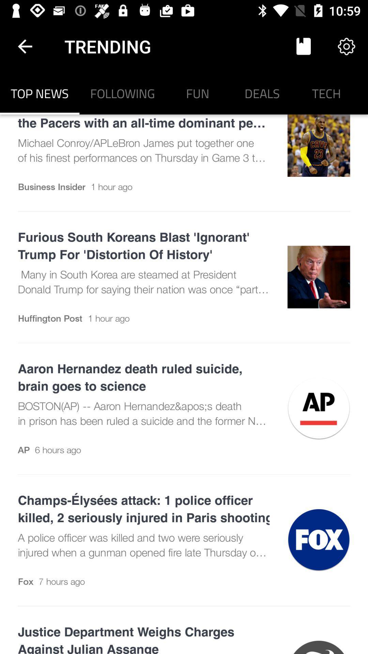  Describe the element at coordinates (303, 46) in the screenshot. I see `app to the right of the trending` at that location.